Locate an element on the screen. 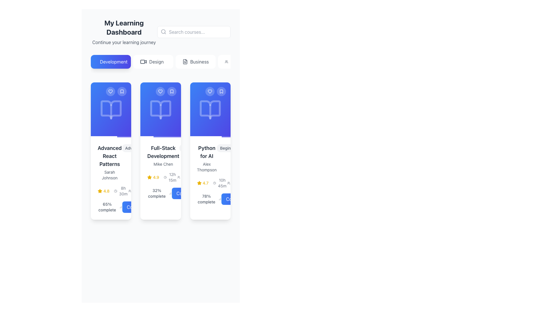  the Text Label that displays the progress percentage of the course, located at the bottom-left corner of the 'Advanced React Patterns' card, next to the 'Continue' button is located at coordinates (111, 207).